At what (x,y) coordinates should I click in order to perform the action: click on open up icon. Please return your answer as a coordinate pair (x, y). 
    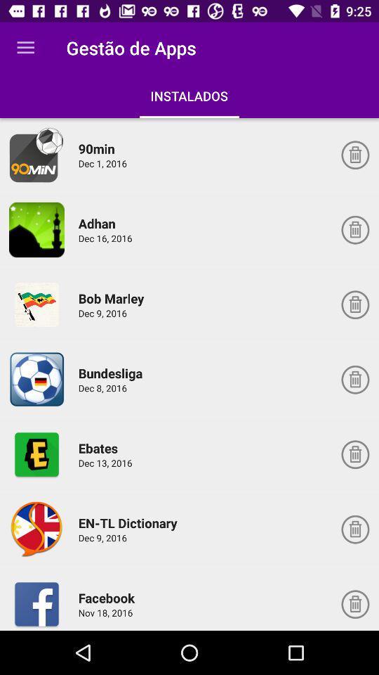
    Looking at the image, I should click on (36, 529).